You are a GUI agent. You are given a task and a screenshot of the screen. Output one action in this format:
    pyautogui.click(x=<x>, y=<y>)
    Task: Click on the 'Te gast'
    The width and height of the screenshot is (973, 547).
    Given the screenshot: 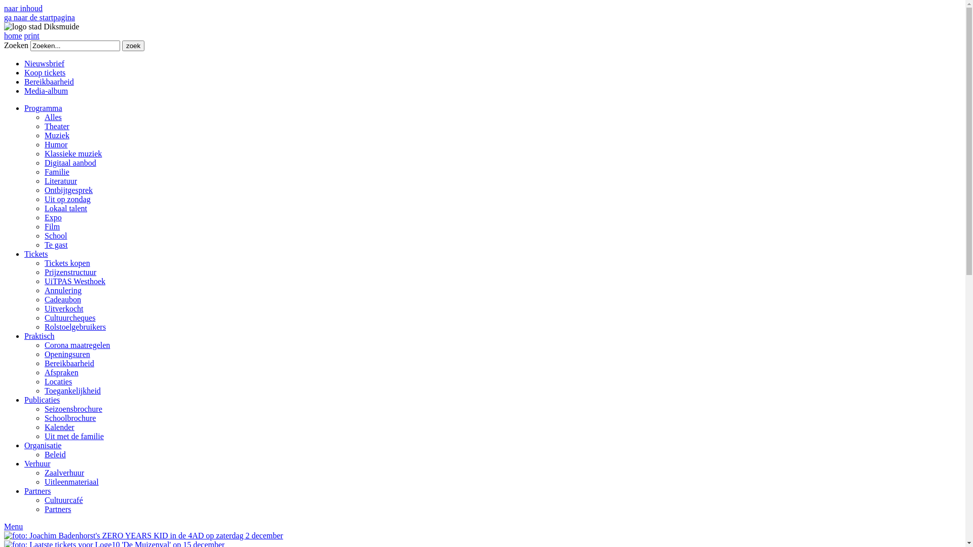 What is the action you would take?
    pyautogui.click(x=55, y=245)
    